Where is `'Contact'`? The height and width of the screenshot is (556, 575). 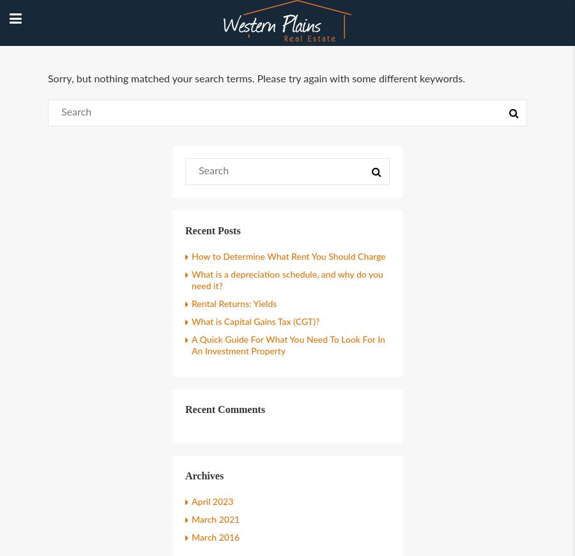 'Contact' is located at coordinates (29, 242).